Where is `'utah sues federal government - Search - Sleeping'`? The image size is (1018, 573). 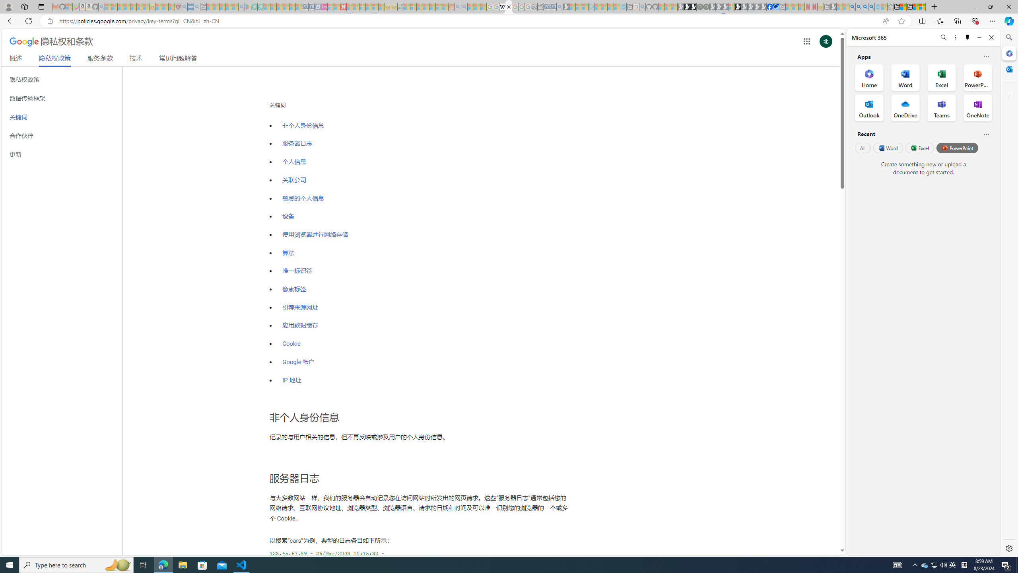 'utah sues federal government - Search - Sleeping' is located at coordinates (196, 6).